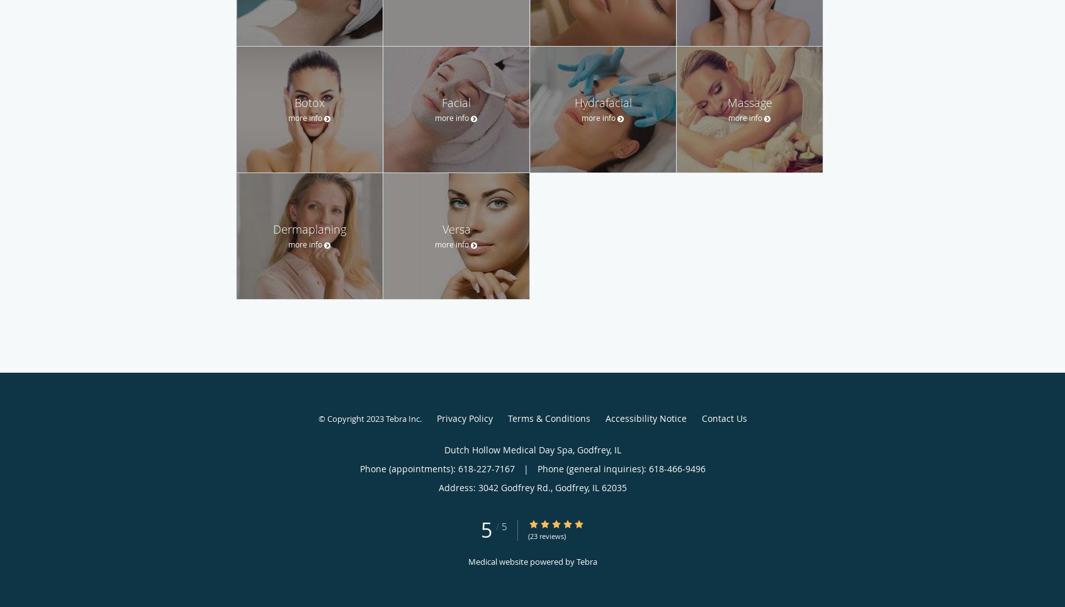  I want to click on '3042 Godfrey Rd.,', so click(516, 487).